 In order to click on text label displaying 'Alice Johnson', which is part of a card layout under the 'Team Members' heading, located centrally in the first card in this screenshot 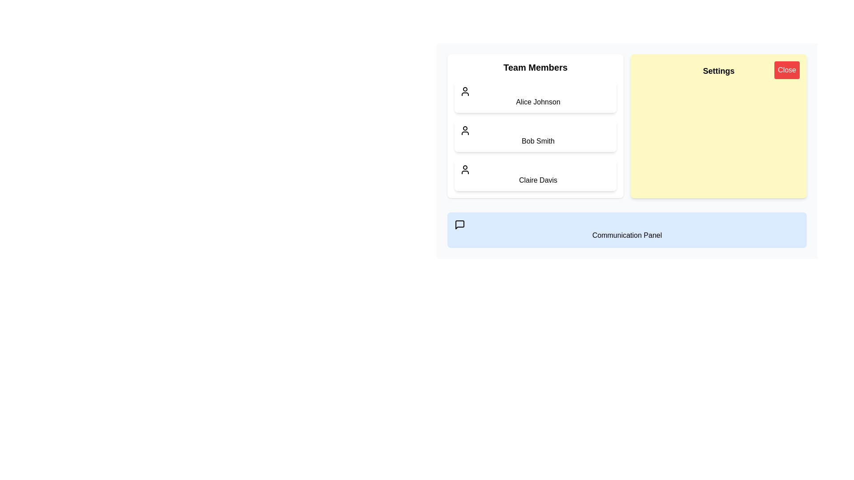, I will do `click(537, 101)`.